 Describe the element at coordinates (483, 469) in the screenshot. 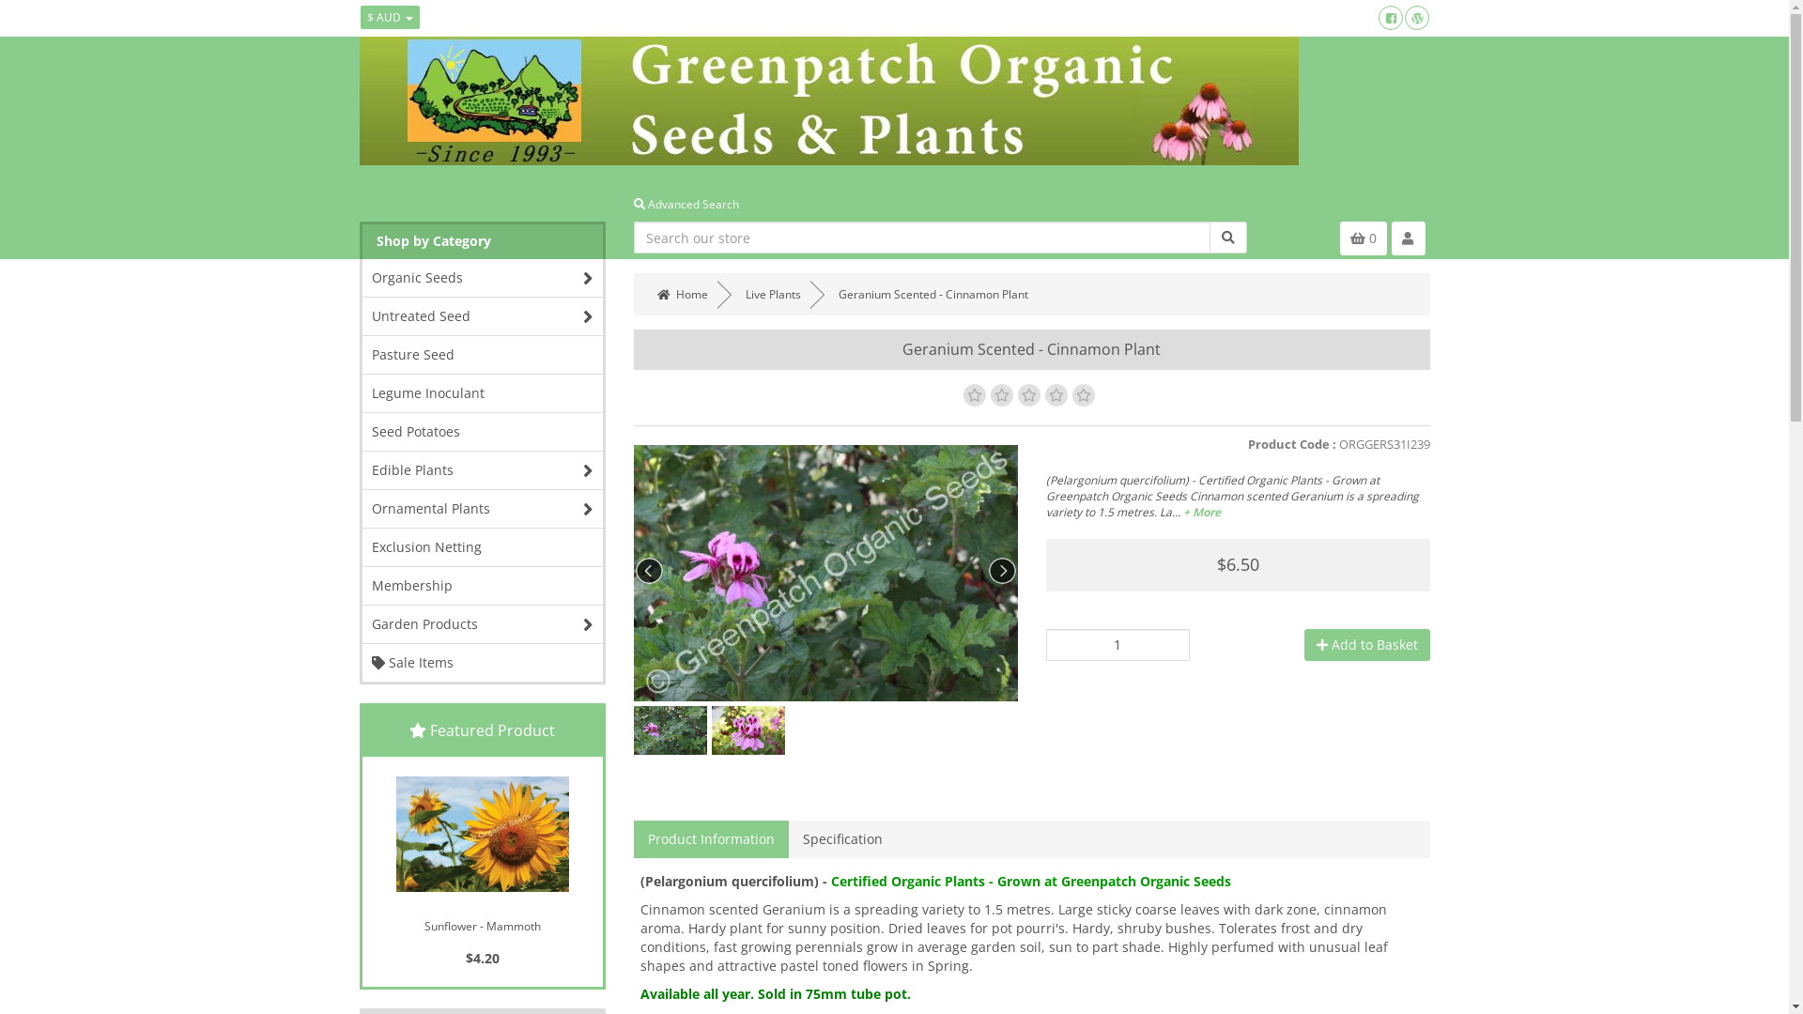

I see `'Edible Plants'` at that location.